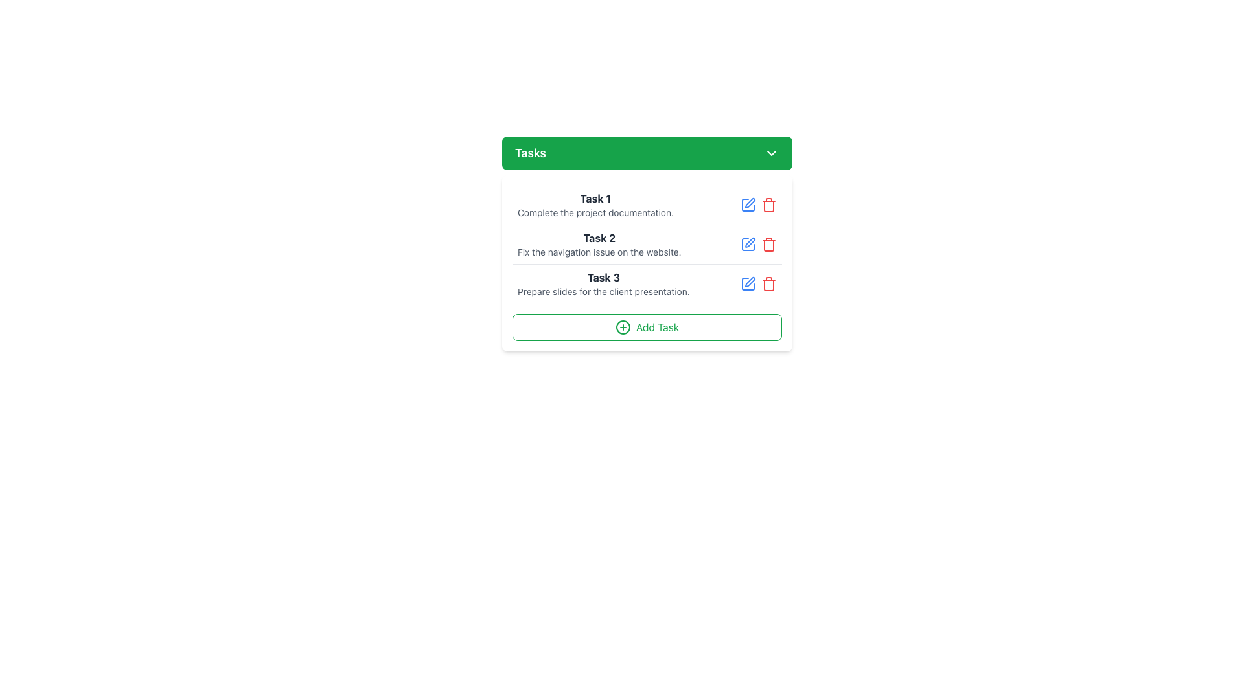  What do you see at coordinates (647, 245) in the screenshot?
I see `the second task item in the task management interface` at bounding box center [647, 245].